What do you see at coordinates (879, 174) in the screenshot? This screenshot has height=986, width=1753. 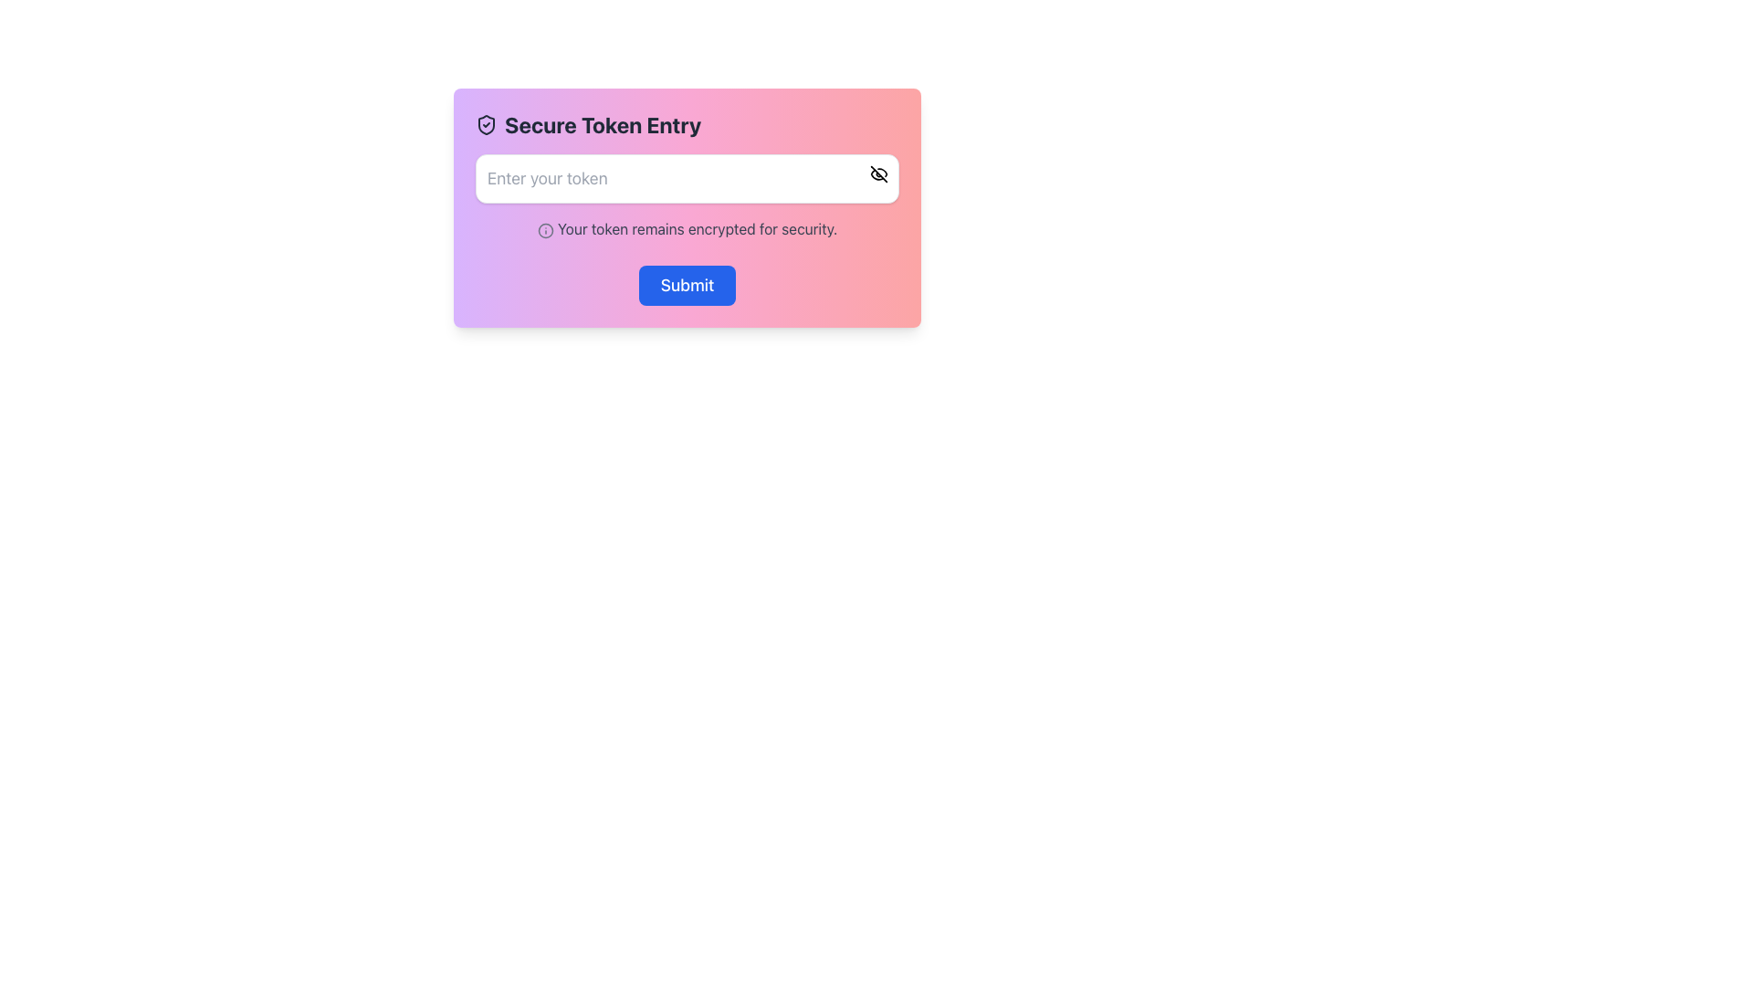 I see `the eye icon with a slash through it located at the top-right corner of the 'Enter your token' input field` at bounding box center [879, 174].